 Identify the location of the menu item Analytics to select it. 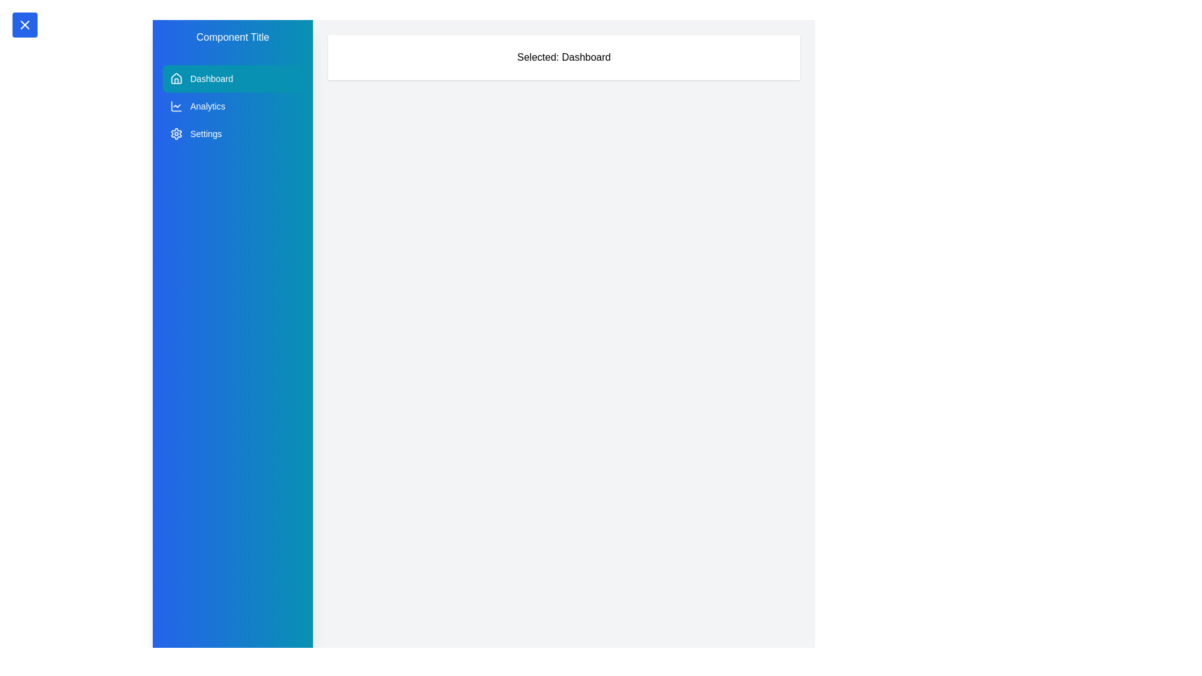
(233, 105).